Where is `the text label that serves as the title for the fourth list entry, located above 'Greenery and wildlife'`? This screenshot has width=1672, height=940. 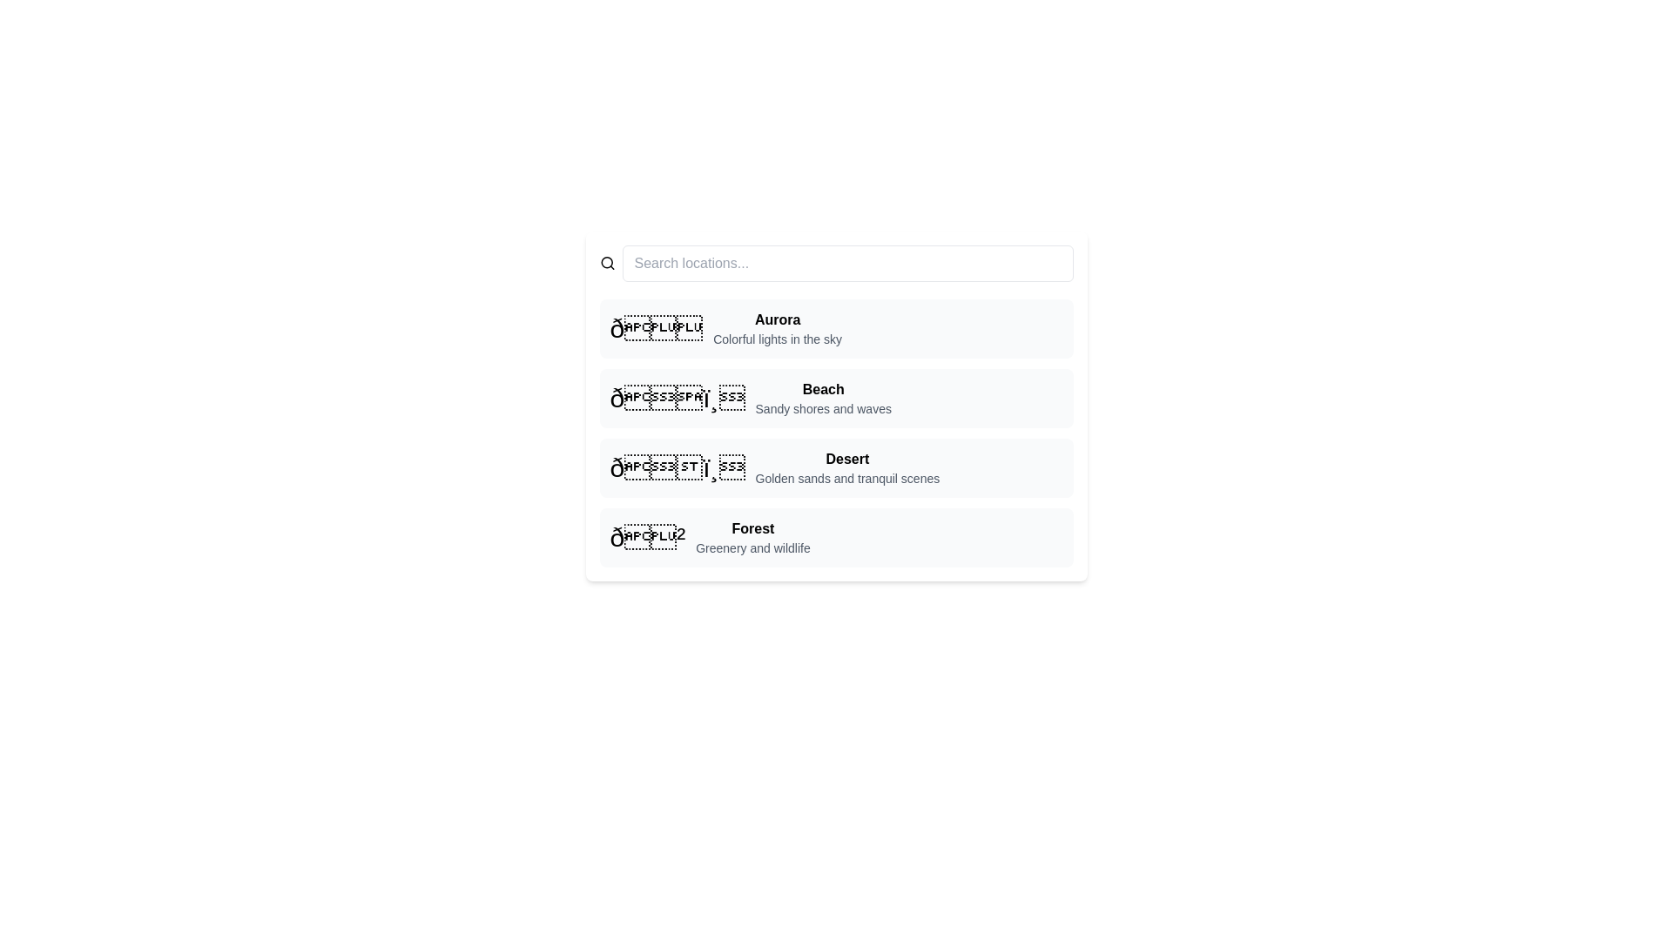
the text label that serves as the title for the fourth list entry, located above 'Greenery and wildlife' is located at coordinates (752, 528).